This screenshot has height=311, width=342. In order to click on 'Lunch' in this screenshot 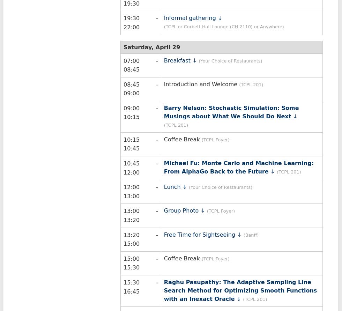, I will do `click(172, 187)`.